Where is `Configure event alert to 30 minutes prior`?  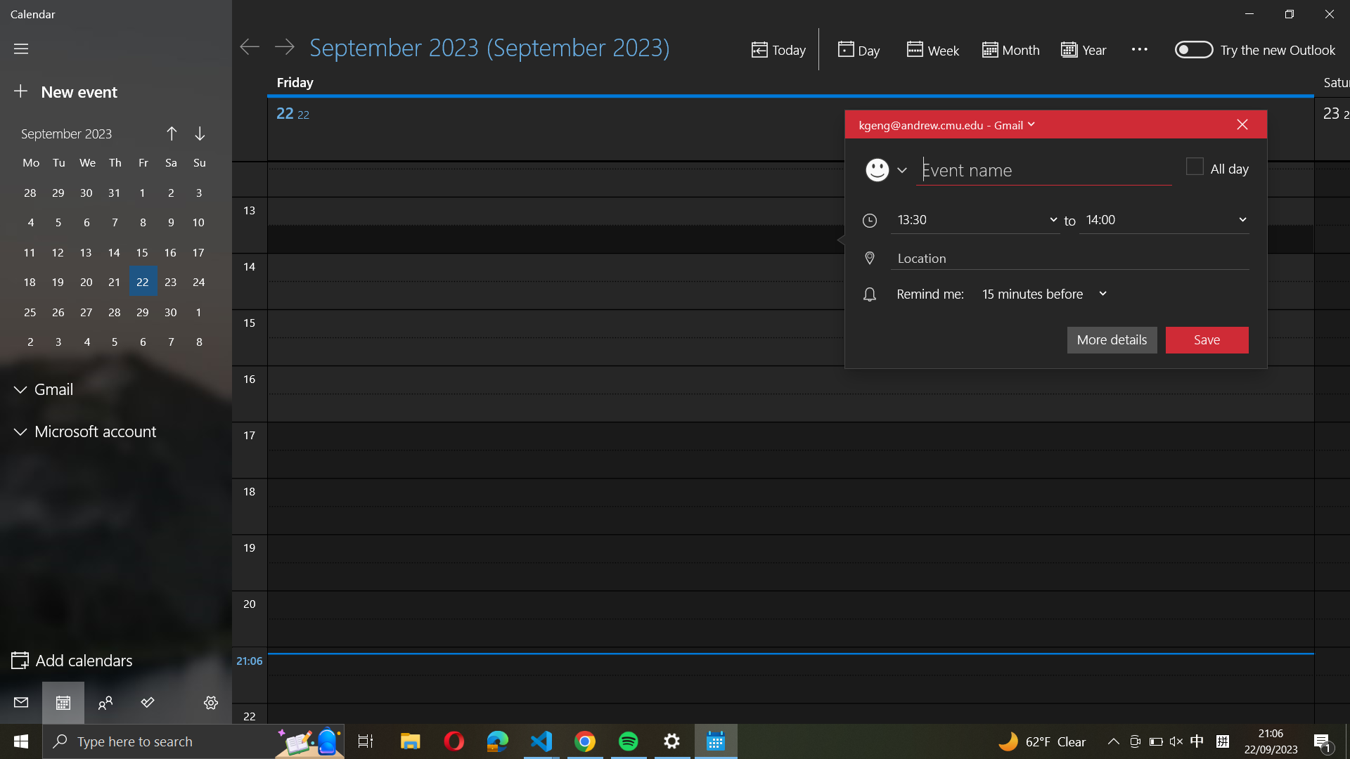 Configure event alert to 30 minutes prior is located at coordinates (1039, 294).